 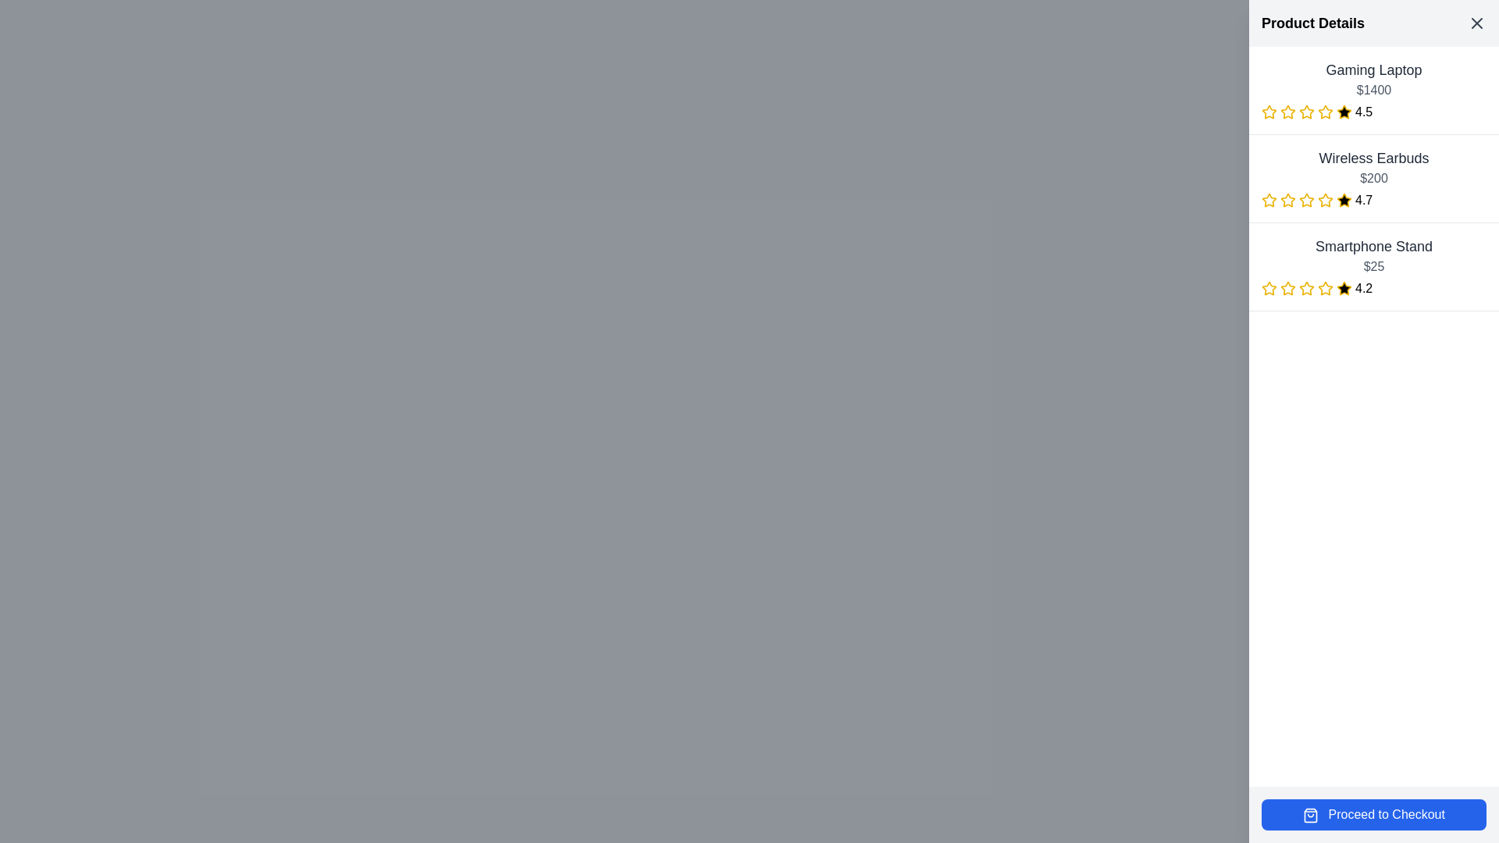 I want to click on the text display showing the rating value '4.2', which is located adjacent to the product 'Smartphone Stand' under its price, so click(x=1363, y=289).